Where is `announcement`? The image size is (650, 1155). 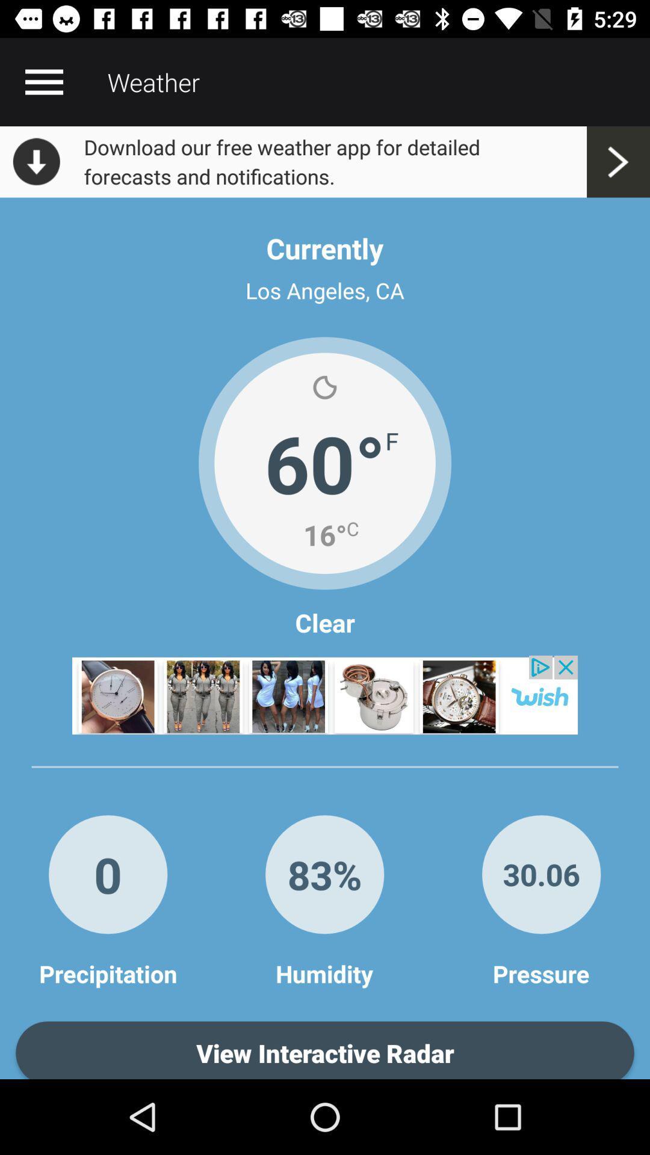 announcement is located at coordinates (325, 695).